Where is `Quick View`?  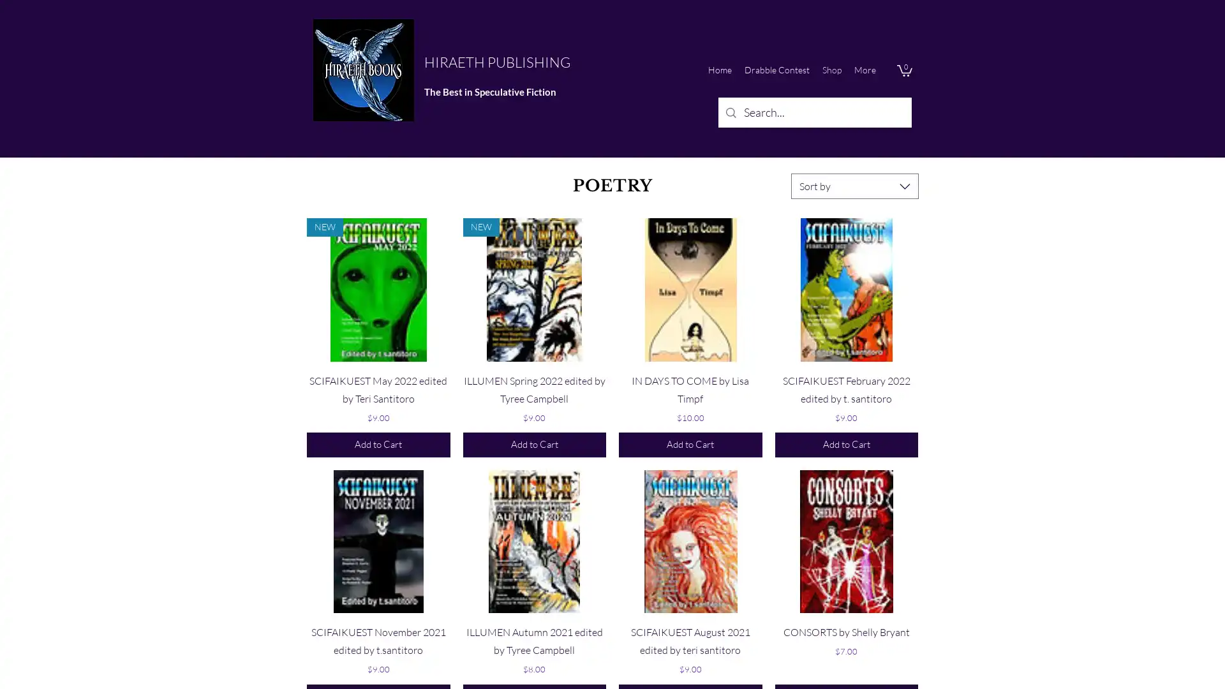 Quick View is located at coordinates (689, 628).